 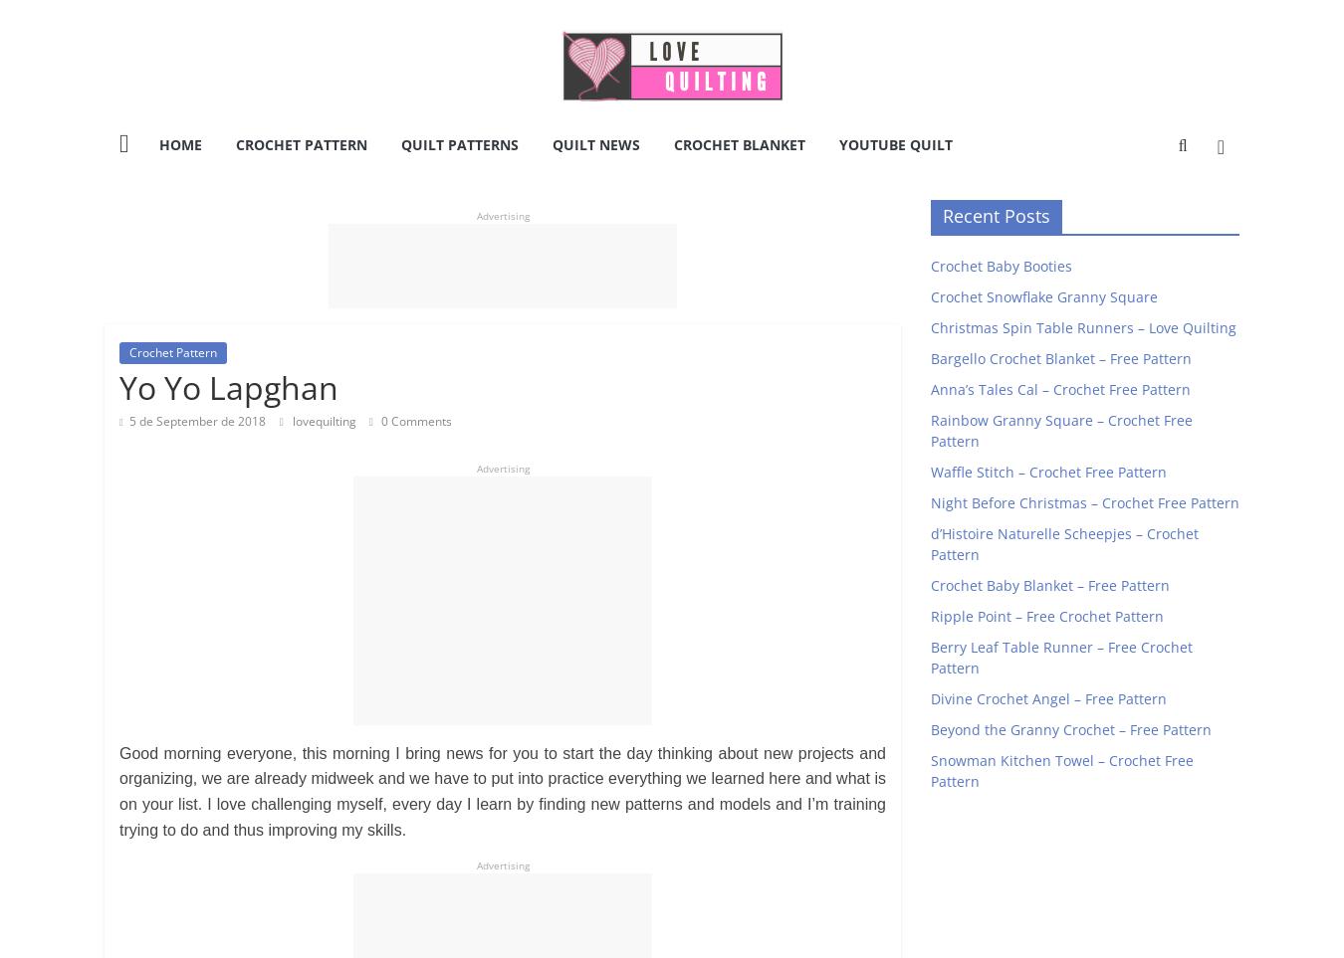 I want to click on 'Crochet Baby Booties', so click(x=930, y=264).